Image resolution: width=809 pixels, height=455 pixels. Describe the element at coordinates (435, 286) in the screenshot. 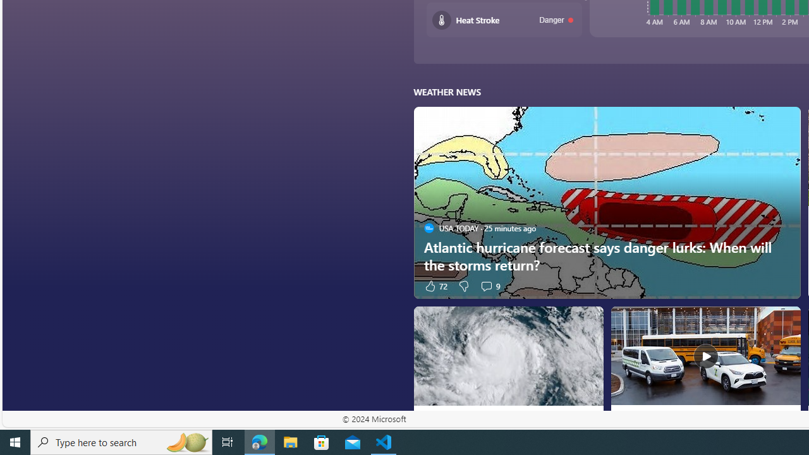

I see `'72 Like'` at that location.